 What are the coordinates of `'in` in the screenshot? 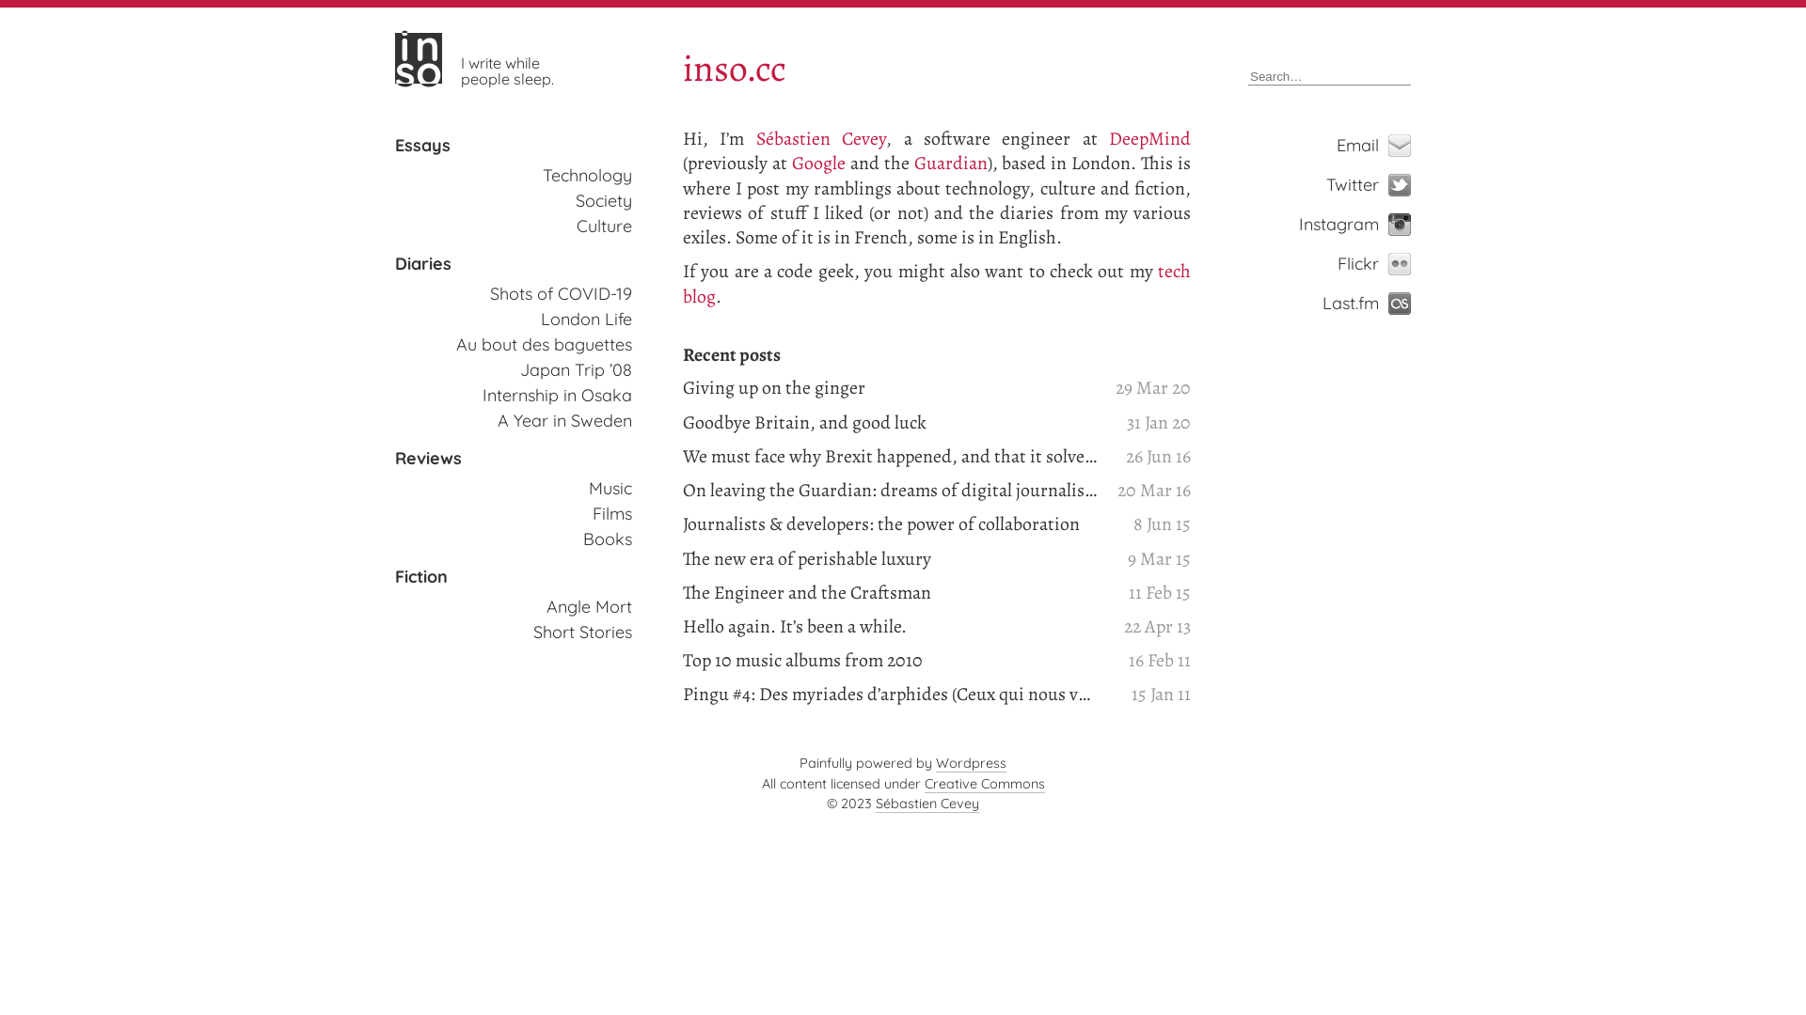 It's located at (394, 56).